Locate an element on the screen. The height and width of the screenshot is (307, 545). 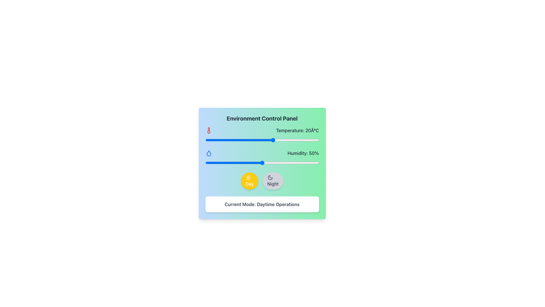
the 'Night' mode icon located in the center-bottom section of the panel is located at coordinates (270, 177).